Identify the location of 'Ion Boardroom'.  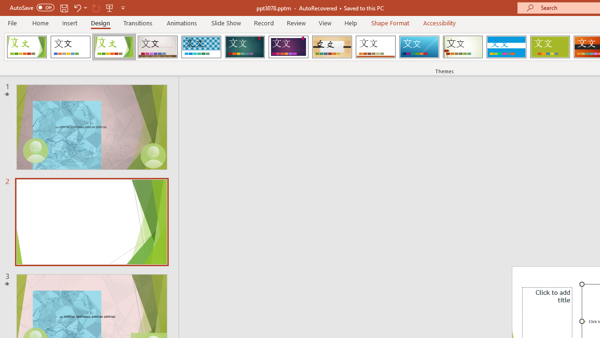
(288, 47).